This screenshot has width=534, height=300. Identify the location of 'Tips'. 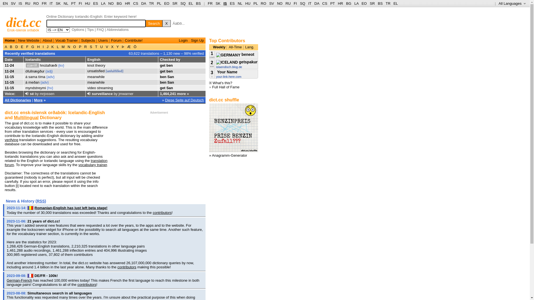
(86, 29).